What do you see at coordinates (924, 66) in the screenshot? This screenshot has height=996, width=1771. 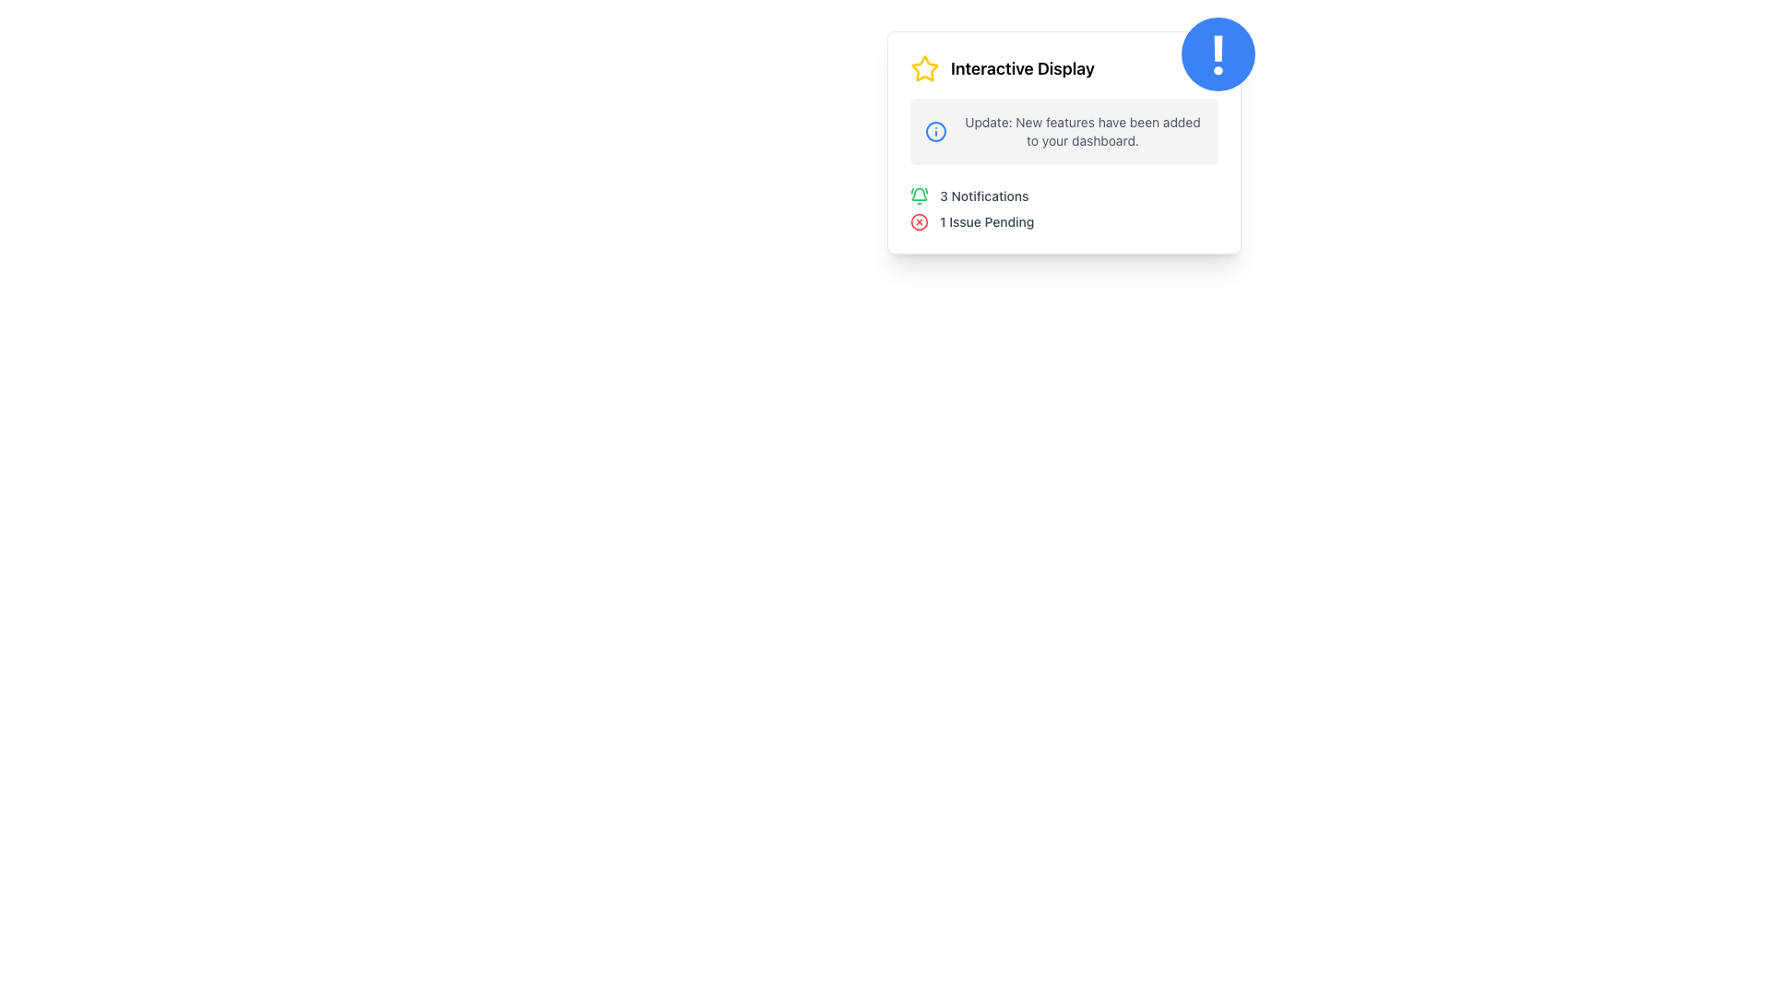 I see `the icon located to the left of the title 'Interactive Display' in the notification panel` at bounding box center [924, 66].